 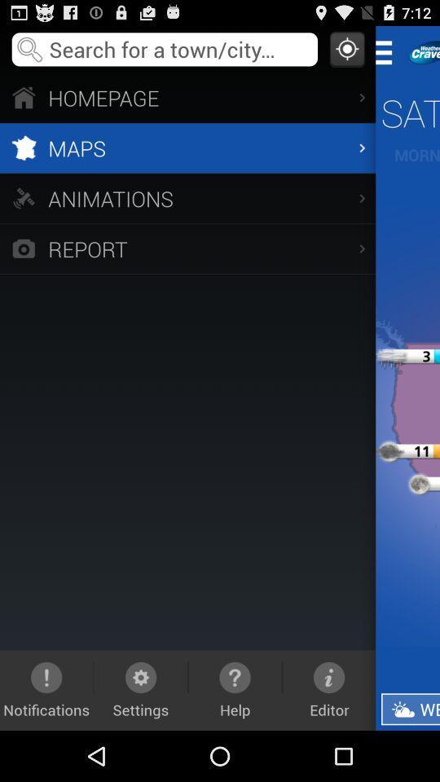 I want to click on information about the app, so click(x=421, y=52).